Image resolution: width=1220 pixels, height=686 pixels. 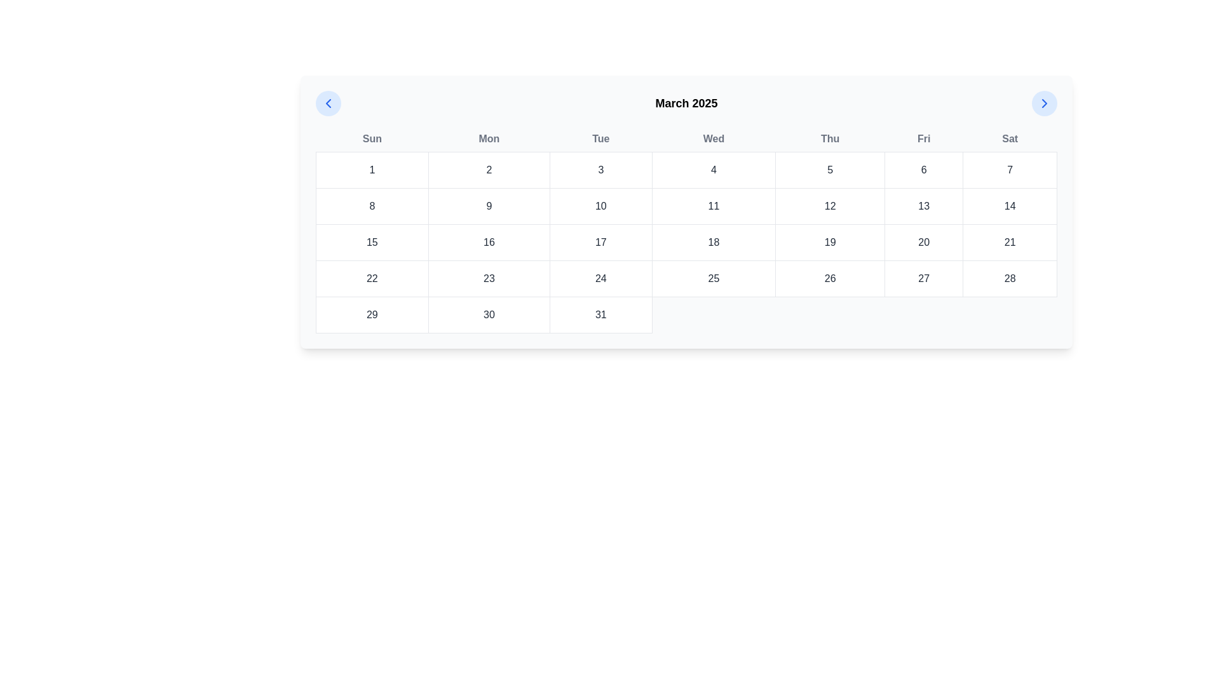 I want to click on the bold, gray-colored text label reading 'Sat' which represents Saturday, positioned as the last element in the horizontal sequence of weekday labels at the top-right corner of the calendar component, so click(x=1009, y=139).